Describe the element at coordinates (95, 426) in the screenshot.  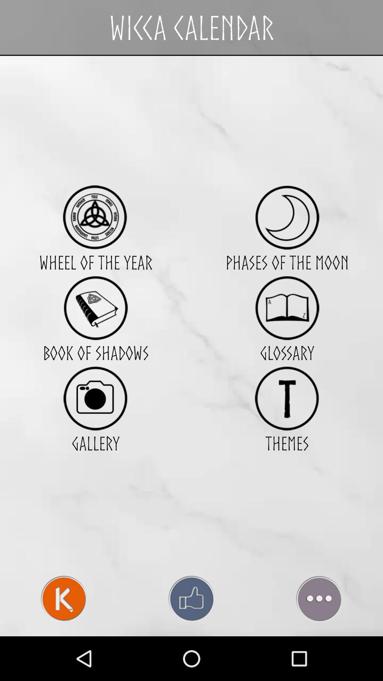
I see `the photo icon` at that location.